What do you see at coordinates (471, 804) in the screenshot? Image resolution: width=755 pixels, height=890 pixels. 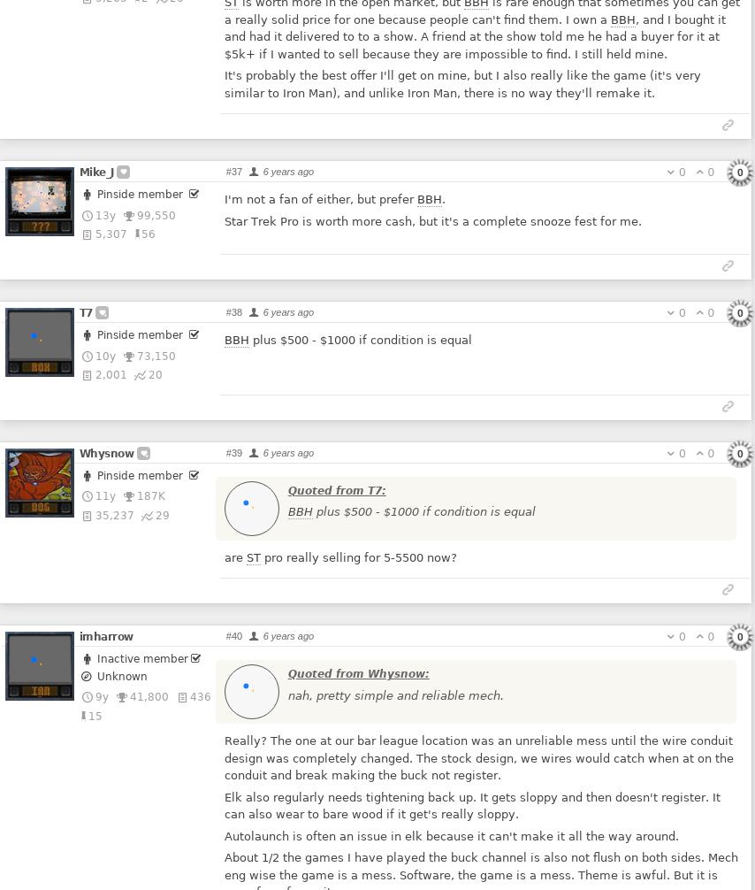 I see `'Elk also regularly needs tightening back up. It gets sloppy and then doesn't register. It can also wear to bare wood if it get's really sloppy.'` at bounding box center [471, 804].